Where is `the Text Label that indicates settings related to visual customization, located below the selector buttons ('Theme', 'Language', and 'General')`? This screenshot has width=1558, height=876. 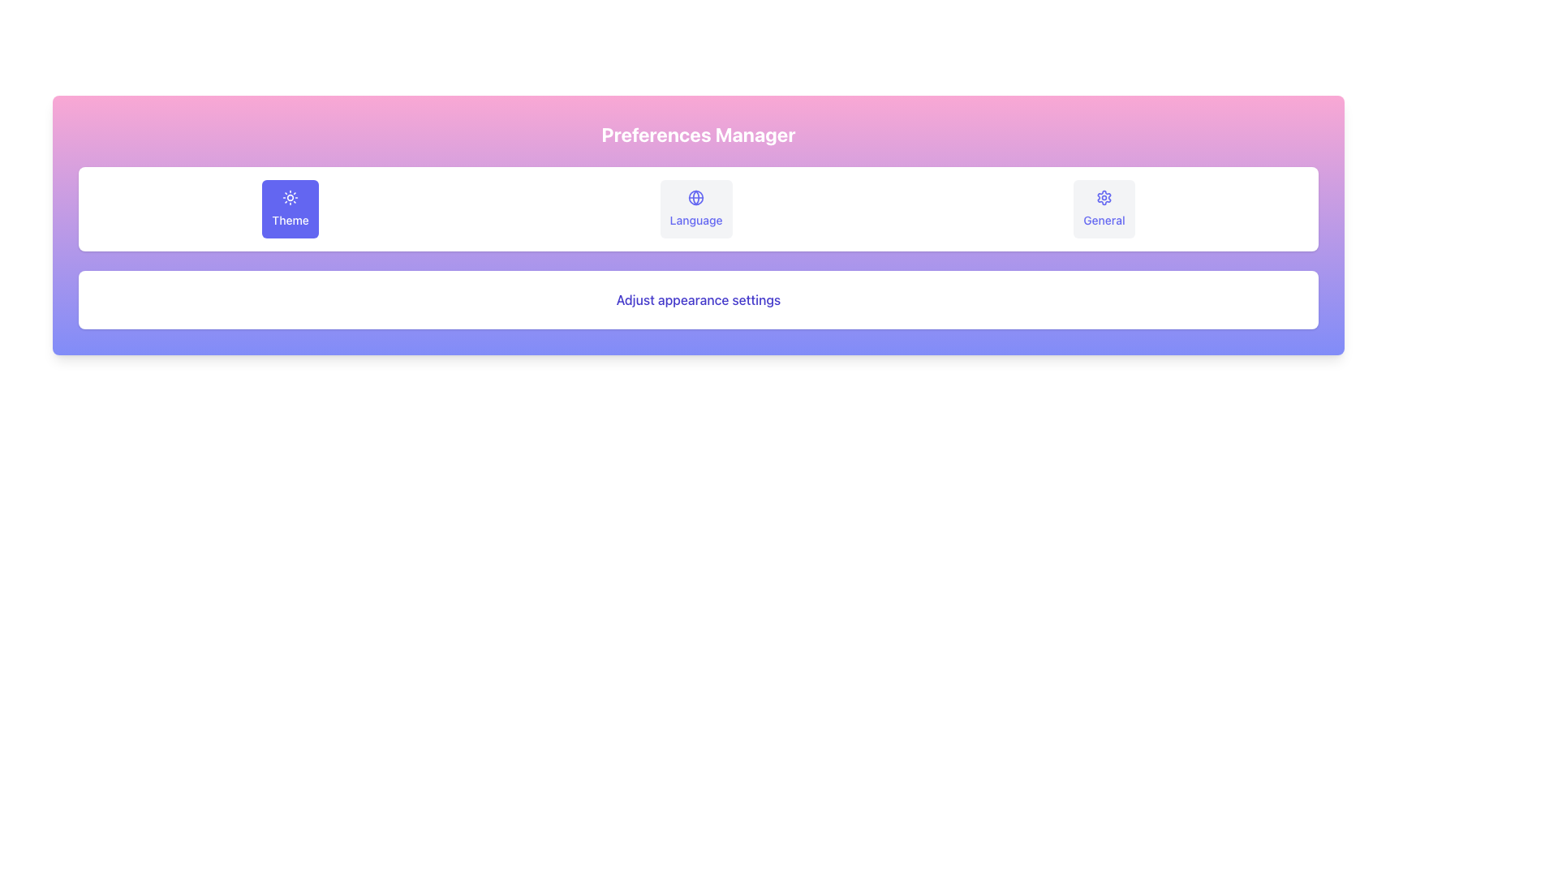 the Text Label that indicates settings related to visual customization, located below the selector buttons ('Theme', 'Language', and 'General') is located at coordinates (698, 300).